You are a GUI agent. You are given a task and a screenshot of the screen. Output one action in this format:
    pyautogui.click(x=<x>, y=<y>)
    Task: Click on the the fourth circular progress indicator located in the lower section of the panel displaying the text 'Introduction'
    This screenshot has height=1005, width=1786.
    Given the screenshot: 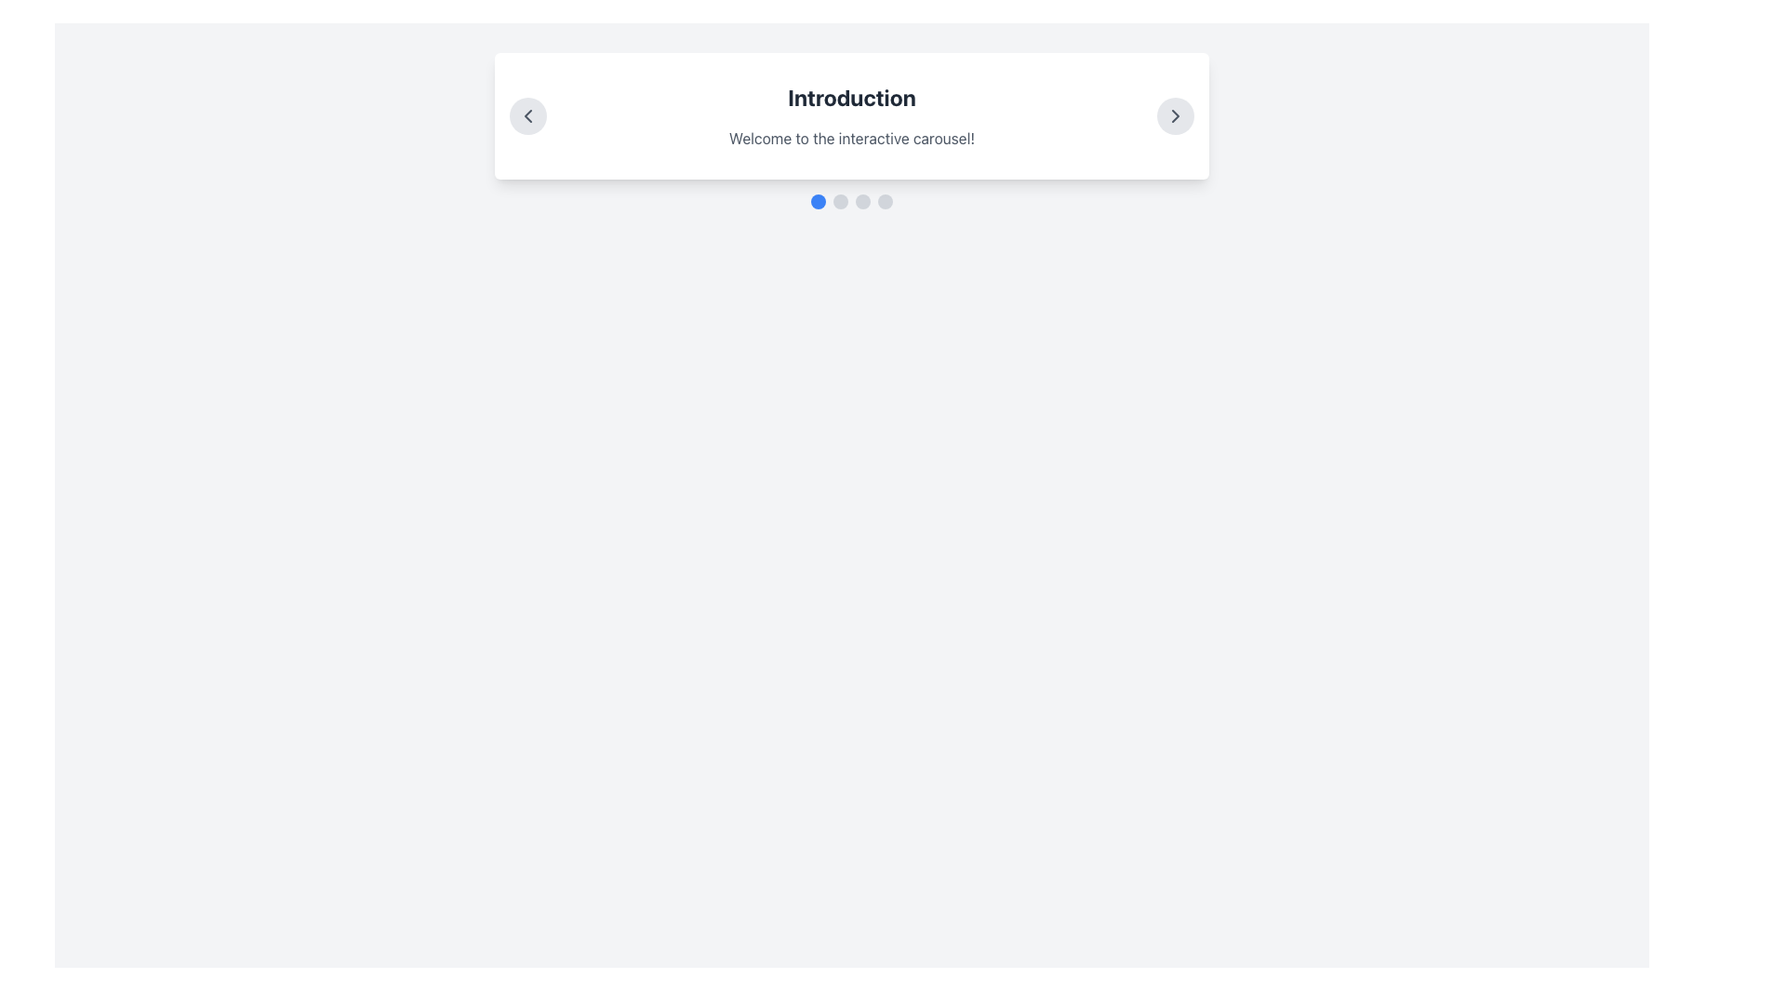 What is the action you would take?
    pyautogui.click(x=884, y=201)
    